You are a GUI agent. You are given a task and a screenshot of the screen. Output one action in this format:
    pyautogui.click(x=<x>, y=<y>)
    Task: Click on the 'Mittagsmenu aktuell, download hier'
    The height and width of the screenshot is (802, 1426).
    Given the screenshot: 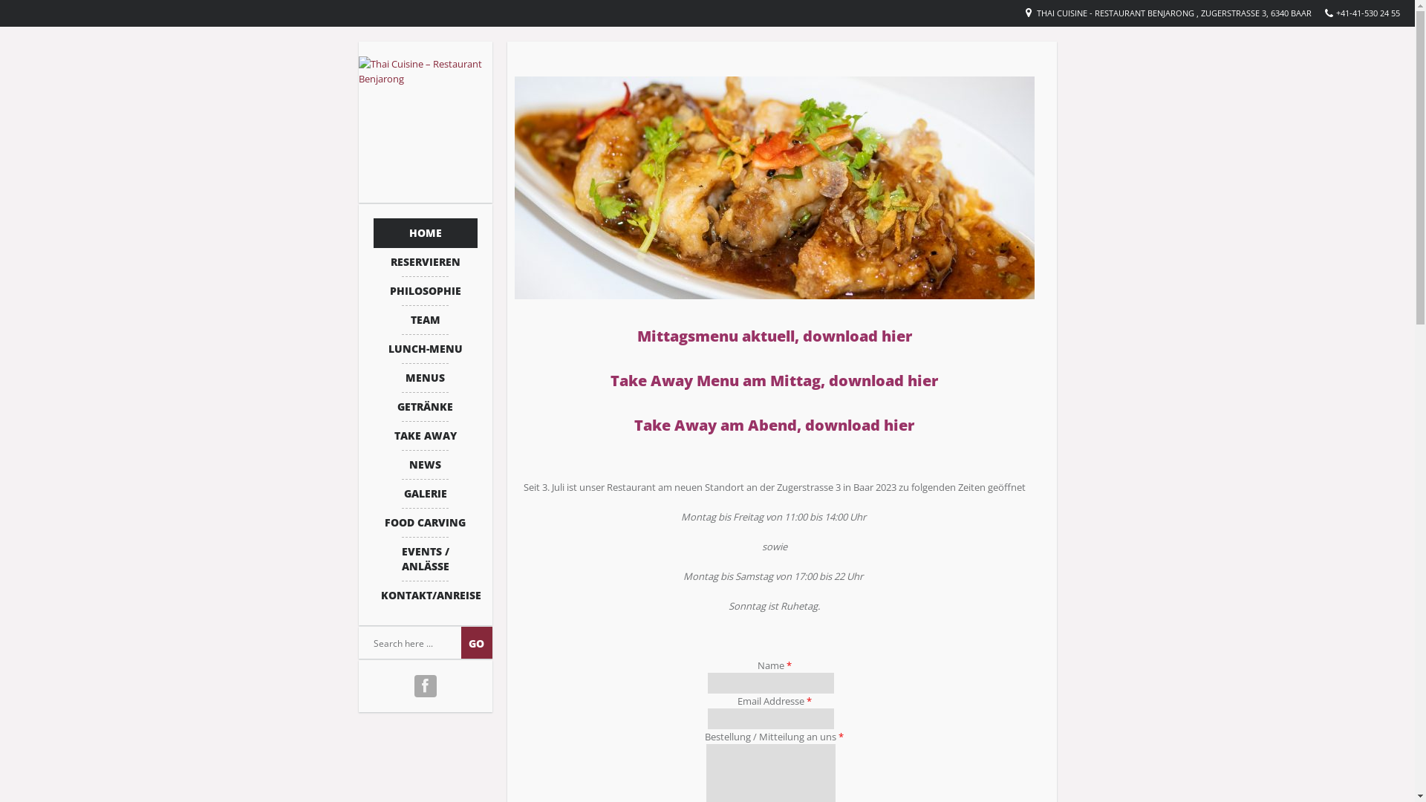 What is the action you would take?
    pyautogui.click(x=773, y=336)
    